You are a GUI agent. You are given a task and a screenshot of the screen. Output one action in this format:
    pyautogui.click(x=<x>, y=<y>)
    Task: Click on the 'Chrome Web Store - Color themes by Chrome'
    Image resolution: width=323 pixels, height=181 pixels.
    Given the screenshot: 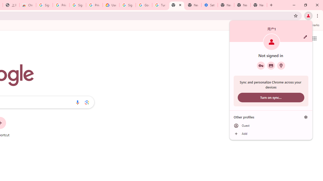 What is the action you would take?
    pyautogui.click(x=28, y=5)
    